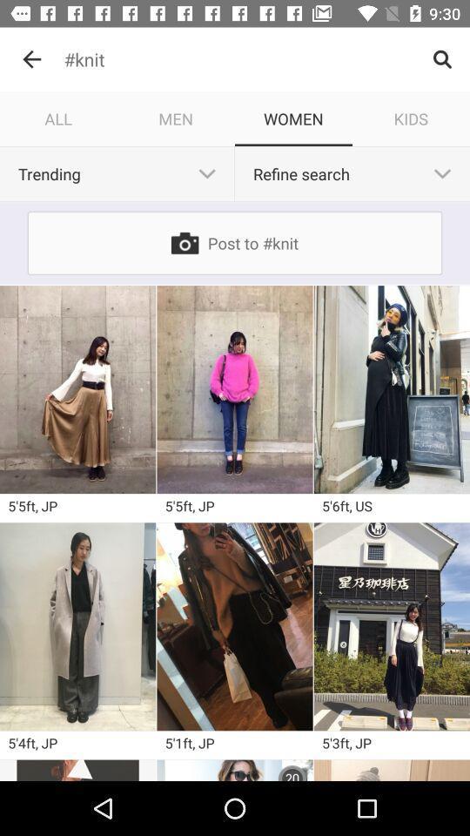  I want to click on different dresses in different scenes, so click(392, 389).